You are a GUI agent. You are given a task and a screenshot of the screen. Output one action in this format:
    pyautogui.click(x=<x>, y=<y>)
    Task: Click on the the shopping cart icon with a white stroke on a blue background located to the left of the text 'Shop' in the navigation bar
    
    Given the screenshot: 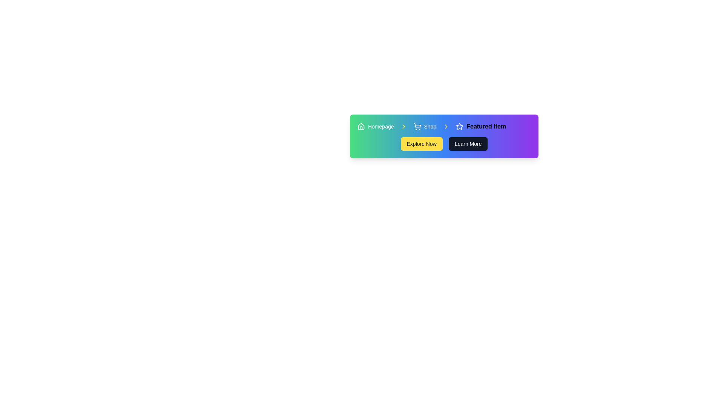 What is the action you would take?
    pyautogui.click(x=417, y=126)
    